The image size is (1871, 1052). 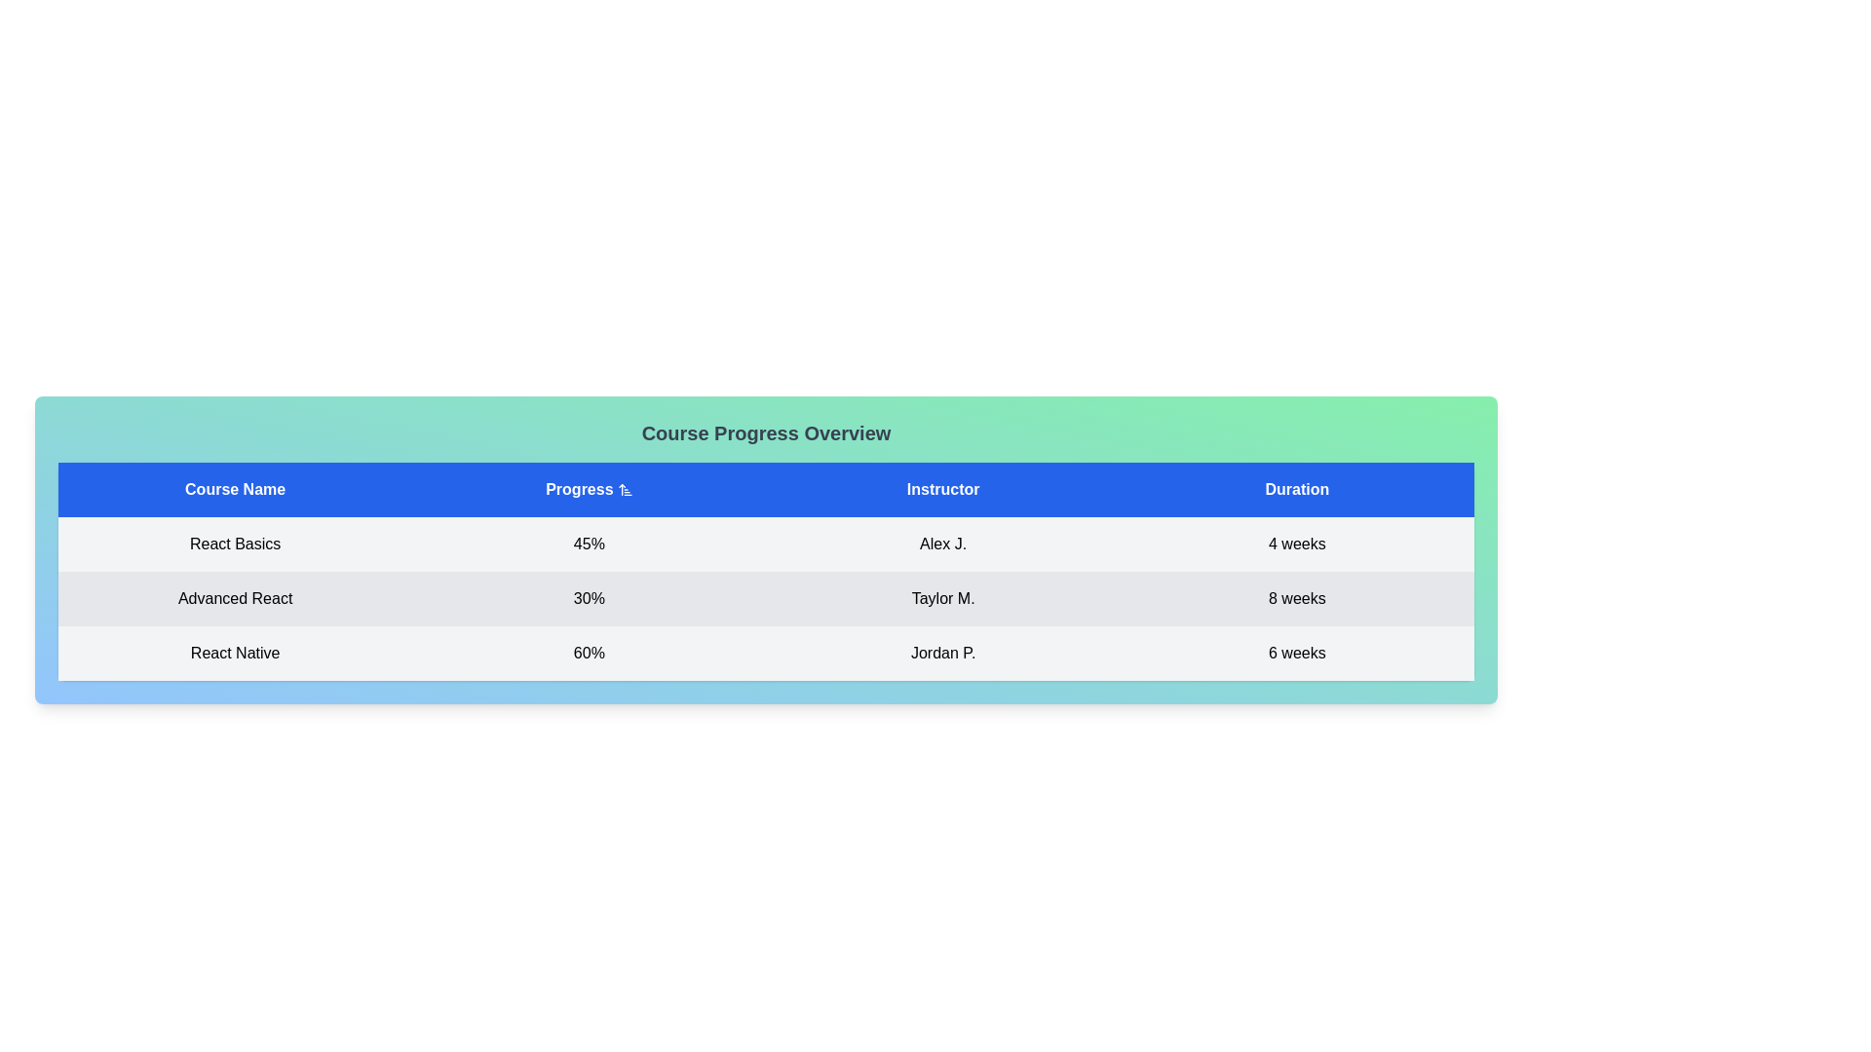 What do you see at coordinates (625, 488) in the screenshot?
I see `the sorting button icon, which is a white arrow against a blue background located in the header section of the table, adjacent to the 'Progress' column title` at bounding box center [625, 488].